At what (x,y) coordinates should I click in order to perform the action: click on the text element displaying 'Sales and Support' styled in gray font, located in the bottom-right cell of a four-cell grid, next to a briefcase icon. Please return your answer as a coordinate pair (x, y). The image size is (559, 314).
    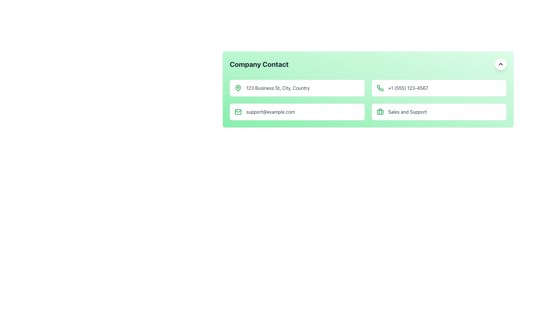
    Looking at the image, I should click on (407, 112).